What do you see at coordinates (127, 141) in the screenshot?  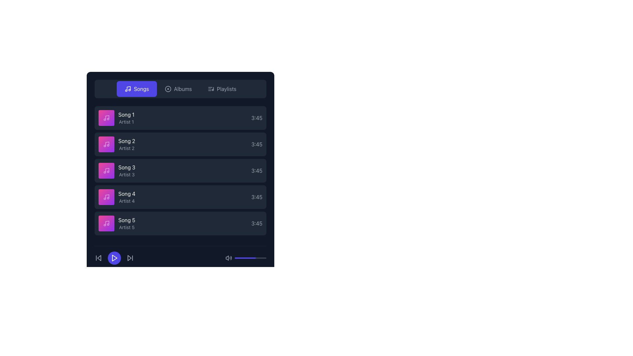 I see `the text label displaying the title 'Song 2' in the music library interface, which is located in the first line of text in the second row of the playlist` at bounding box center [127, 141].